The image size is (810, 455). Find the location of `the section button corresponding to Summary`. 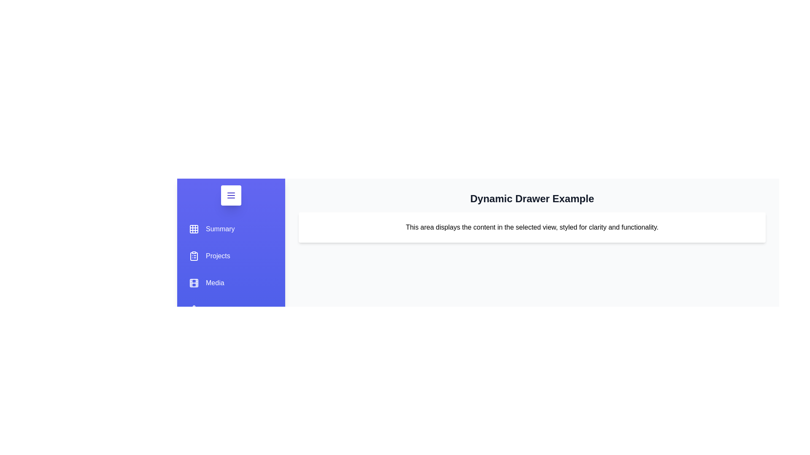

the section button corresponding to Summary is located at coordinates (212, 229).